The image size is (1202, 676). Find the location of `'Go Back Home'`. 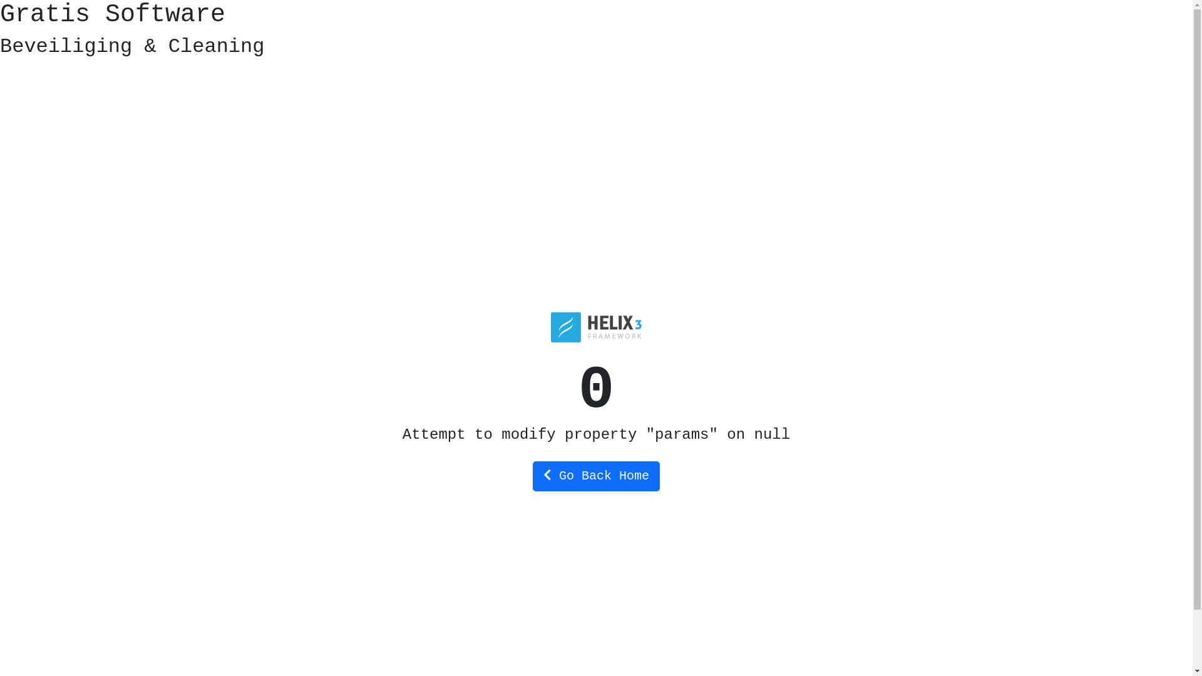

'Go Back Home' is located at coordinates (595, 476).